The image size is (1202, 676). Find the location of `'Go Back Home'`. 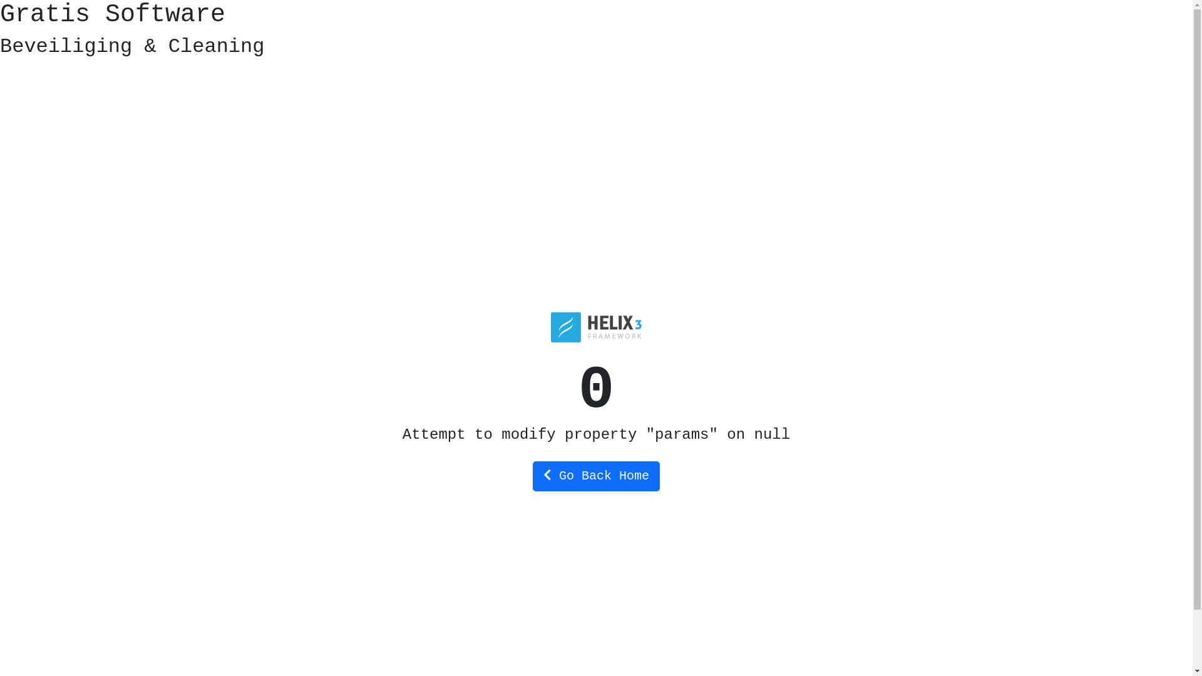

'Go Back Home' is located at coordinates (595, 476).